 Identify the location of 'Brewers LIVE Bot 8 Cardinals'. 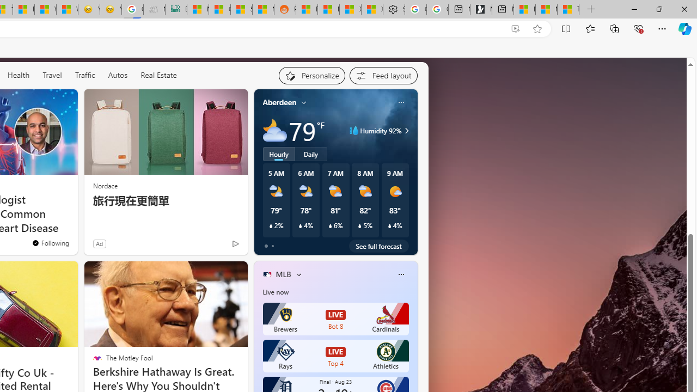
(335, 318).